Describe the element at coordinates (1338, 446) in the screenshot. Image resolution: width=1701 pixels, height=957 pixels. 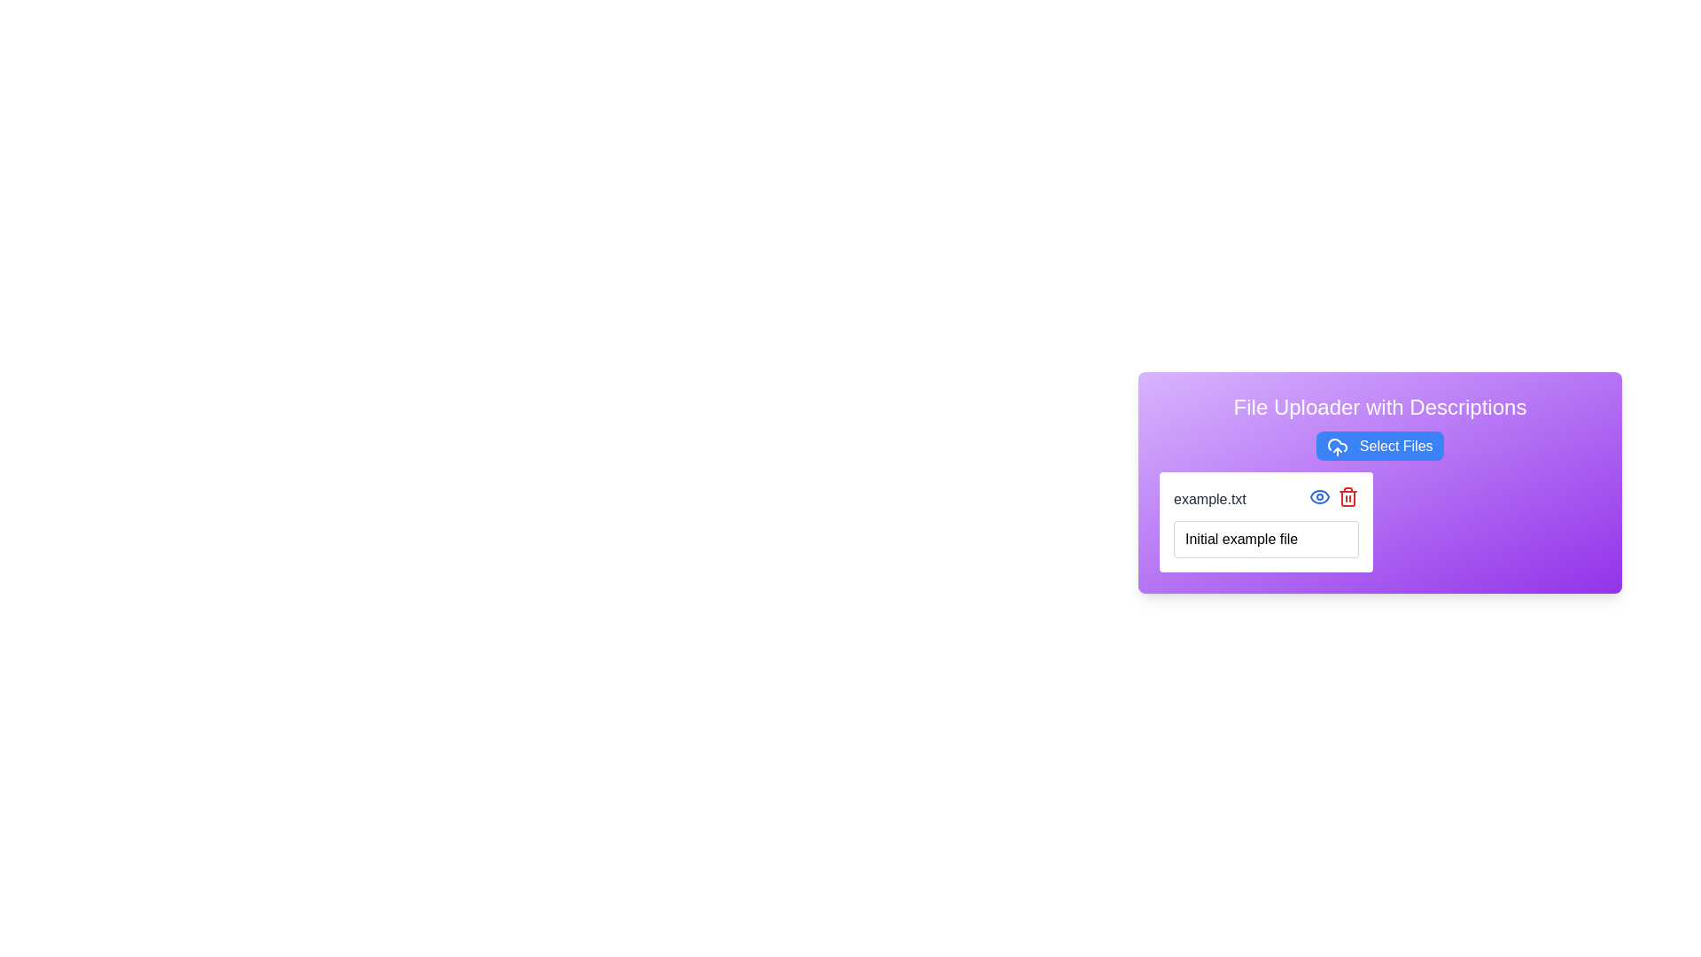
I see `the 'Select Files' button, which includes the upload Icon (SVG) on its left side, to initiate file selection` at that location.